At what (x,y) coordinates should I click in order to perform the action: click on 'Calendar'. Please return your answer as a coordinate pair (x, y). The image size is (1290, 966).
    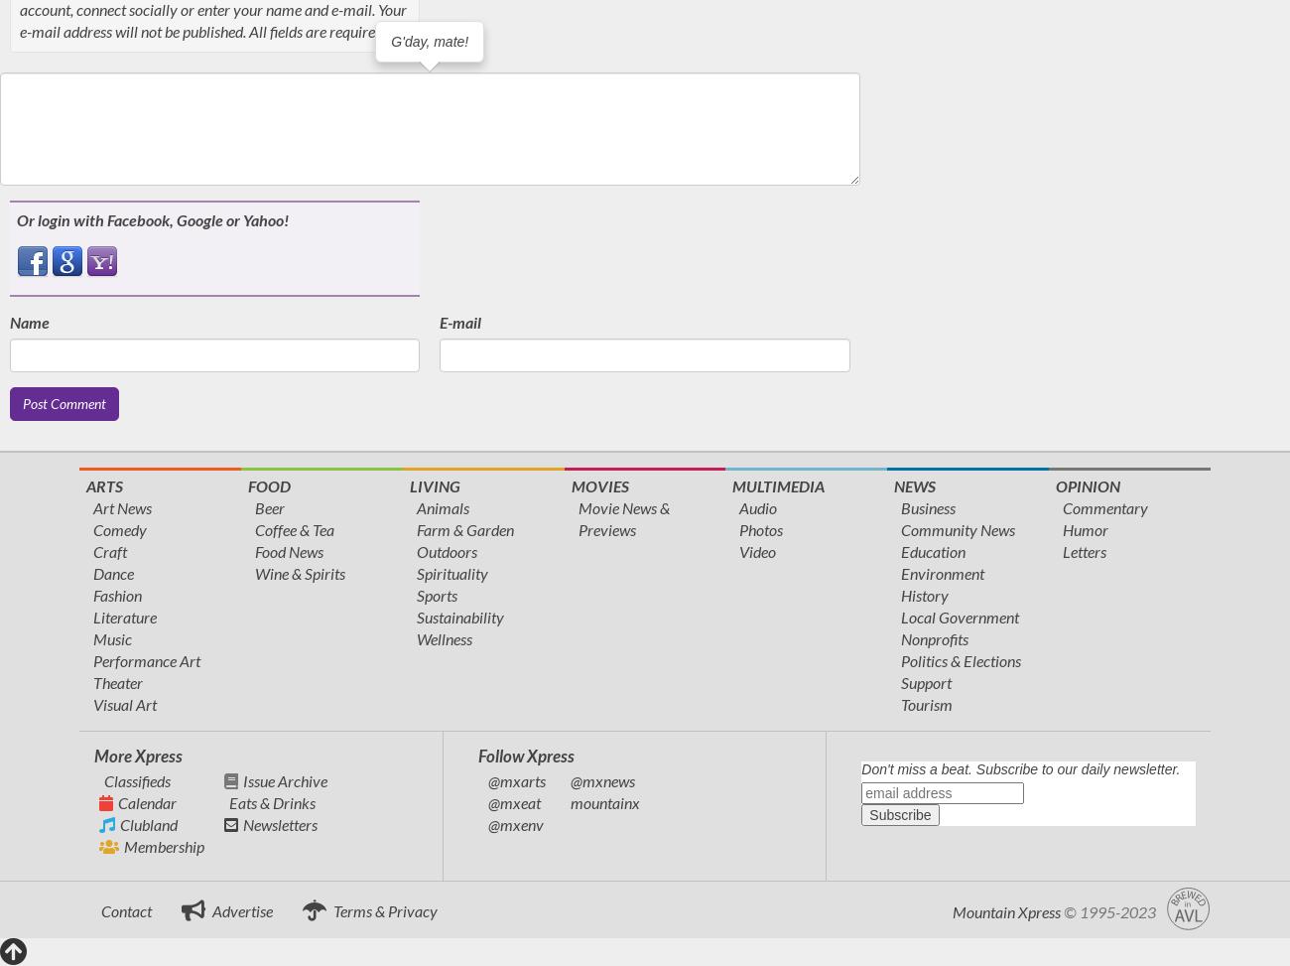
    Looking at the image, I should click on (146, 801).